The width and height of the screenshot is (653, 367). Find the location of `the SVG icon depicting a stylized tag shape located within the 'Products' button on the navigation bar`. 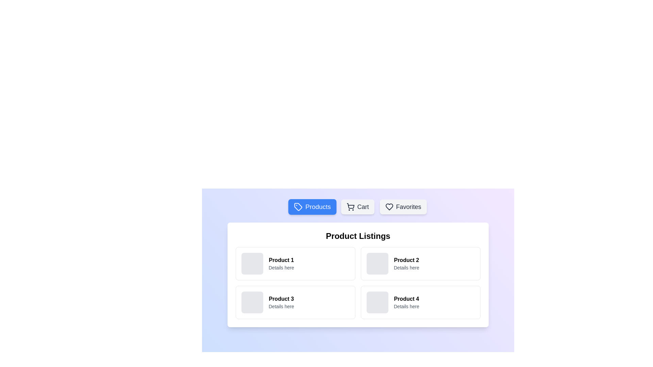

the SVG icon depicting a stylized tag shape located within the 'Products' button on the navigation bar is located at coordinates (298, 207).